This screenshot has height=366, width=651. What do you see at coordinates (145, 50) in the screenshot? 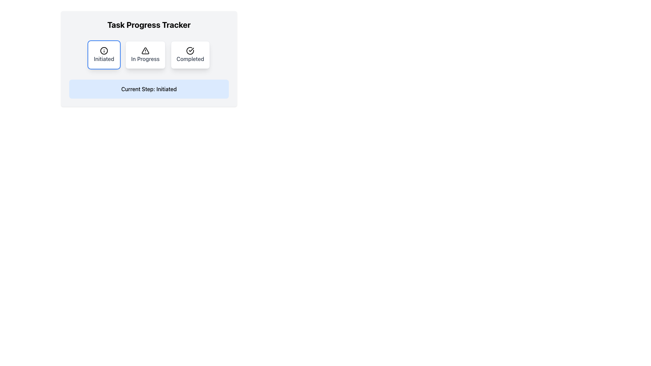
I see `the prominent triangular alert icon located in the 'In Progress' step section of the Task Progress Tracker interface to draw attention to its cautionary significance` at bounding box center [145, 50].